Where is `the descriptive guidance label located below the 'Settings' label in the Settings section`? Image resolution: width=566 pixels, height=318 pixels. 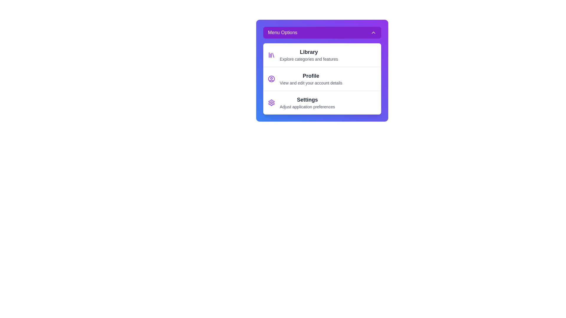
the descriptive guidance label located below the 'Settings' label in the Settings section is located at coordinates (307, 107).